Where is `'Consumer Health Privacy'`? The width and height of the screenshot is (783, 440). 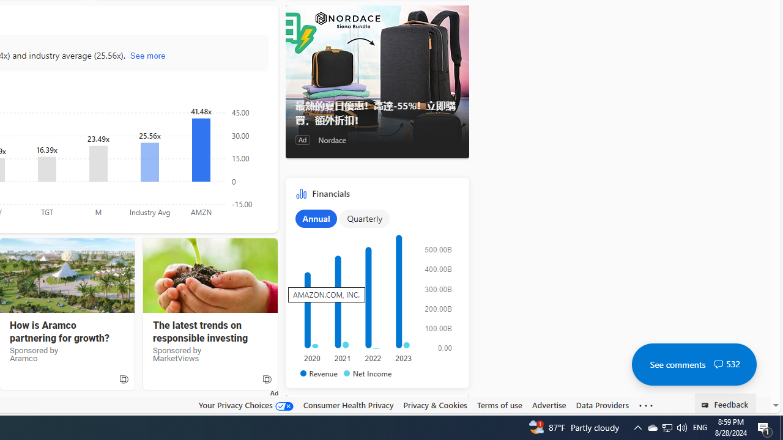 'Consumer Health Privacy' is located at coordinates (347, 405).